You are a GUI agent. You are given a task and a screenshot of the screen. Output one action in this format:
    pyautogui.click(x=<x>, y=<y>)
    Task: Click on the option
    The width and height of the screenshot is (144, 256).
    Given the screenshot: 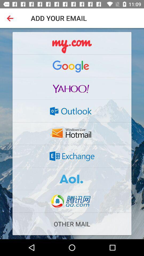 What is the action you would take?
    pyautogui.click(x=72, y=179)
    